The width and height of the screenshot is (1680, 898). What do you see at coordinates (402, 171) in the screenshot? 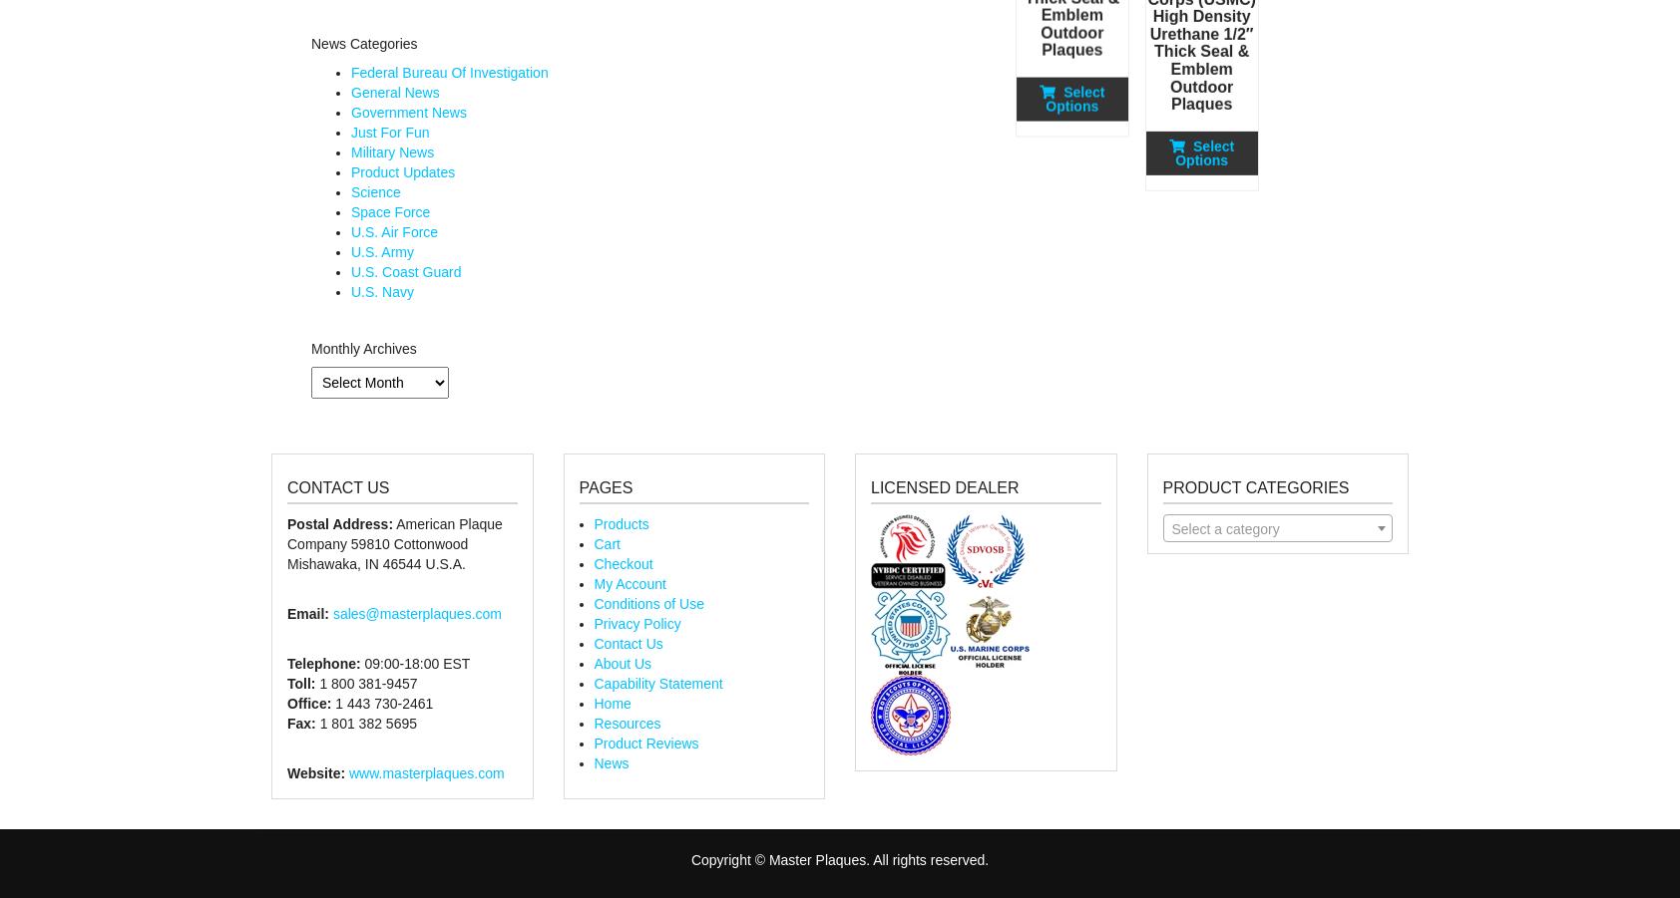
I see `'Product Updates'` at bounding box center [402, 171].